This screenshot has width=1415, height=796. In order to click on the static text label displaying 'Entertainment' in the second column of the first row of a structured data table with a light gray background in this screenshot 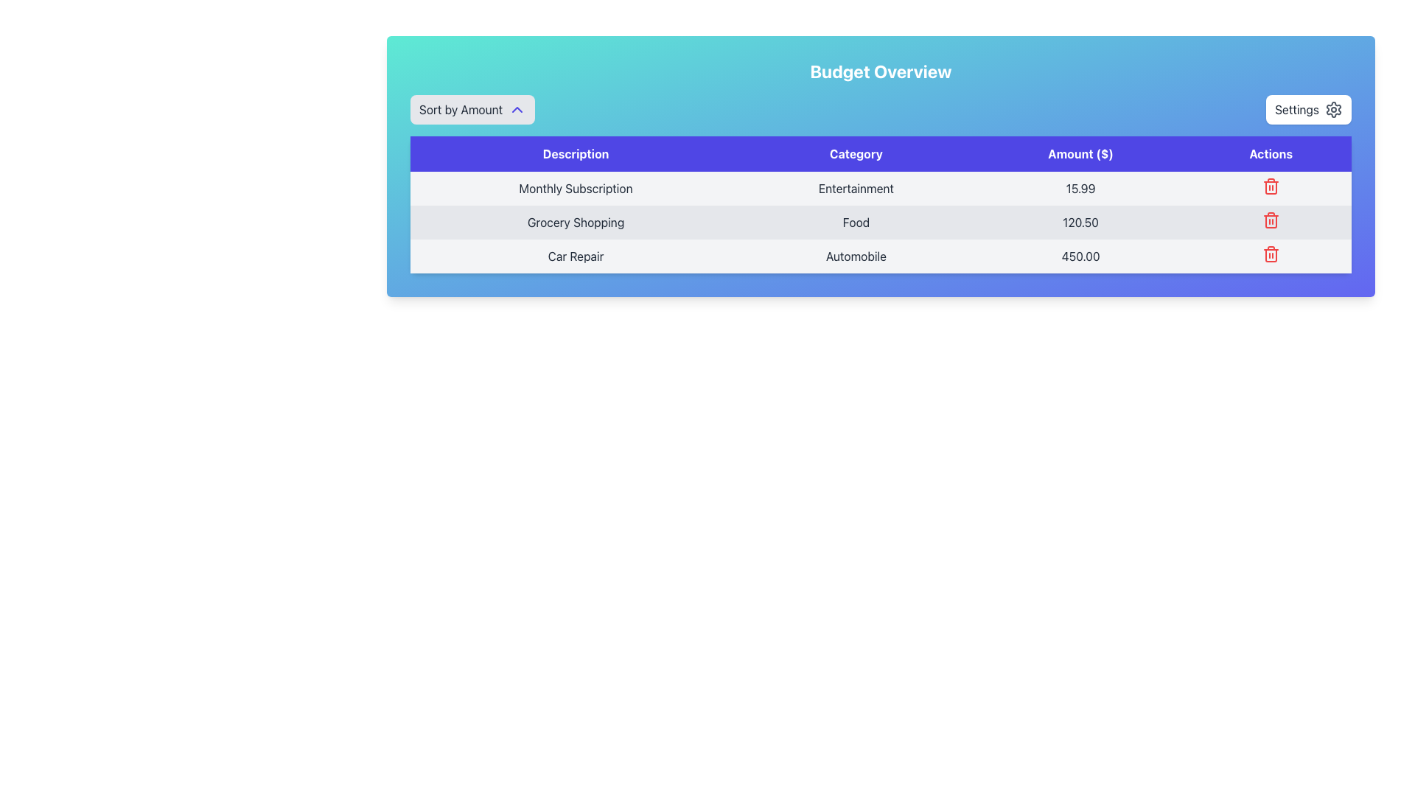, I will do `click(856, 187)`.